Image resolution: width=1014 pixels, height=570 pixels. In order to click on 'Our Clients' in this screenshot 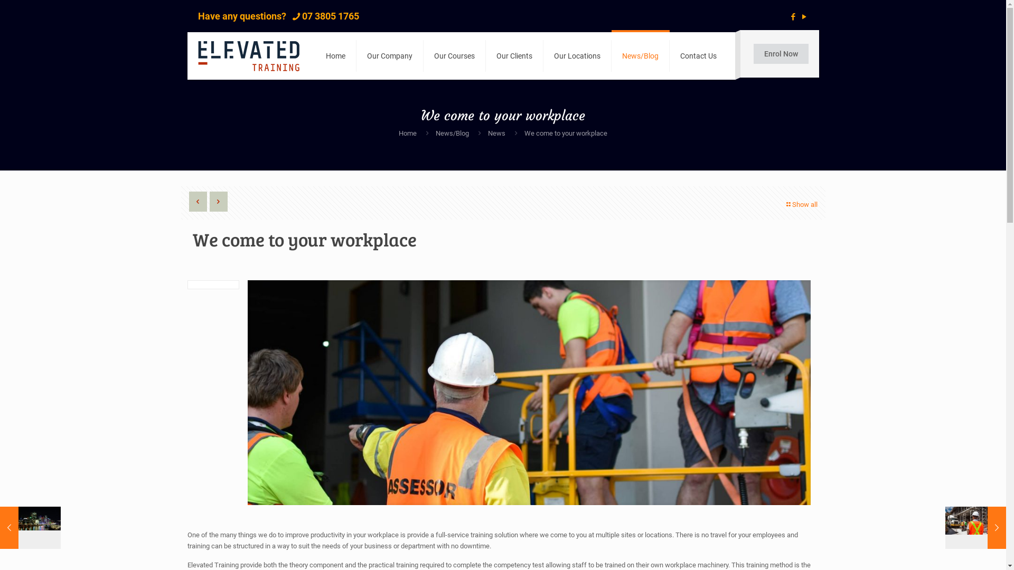, I will do `click(514, 55)`.